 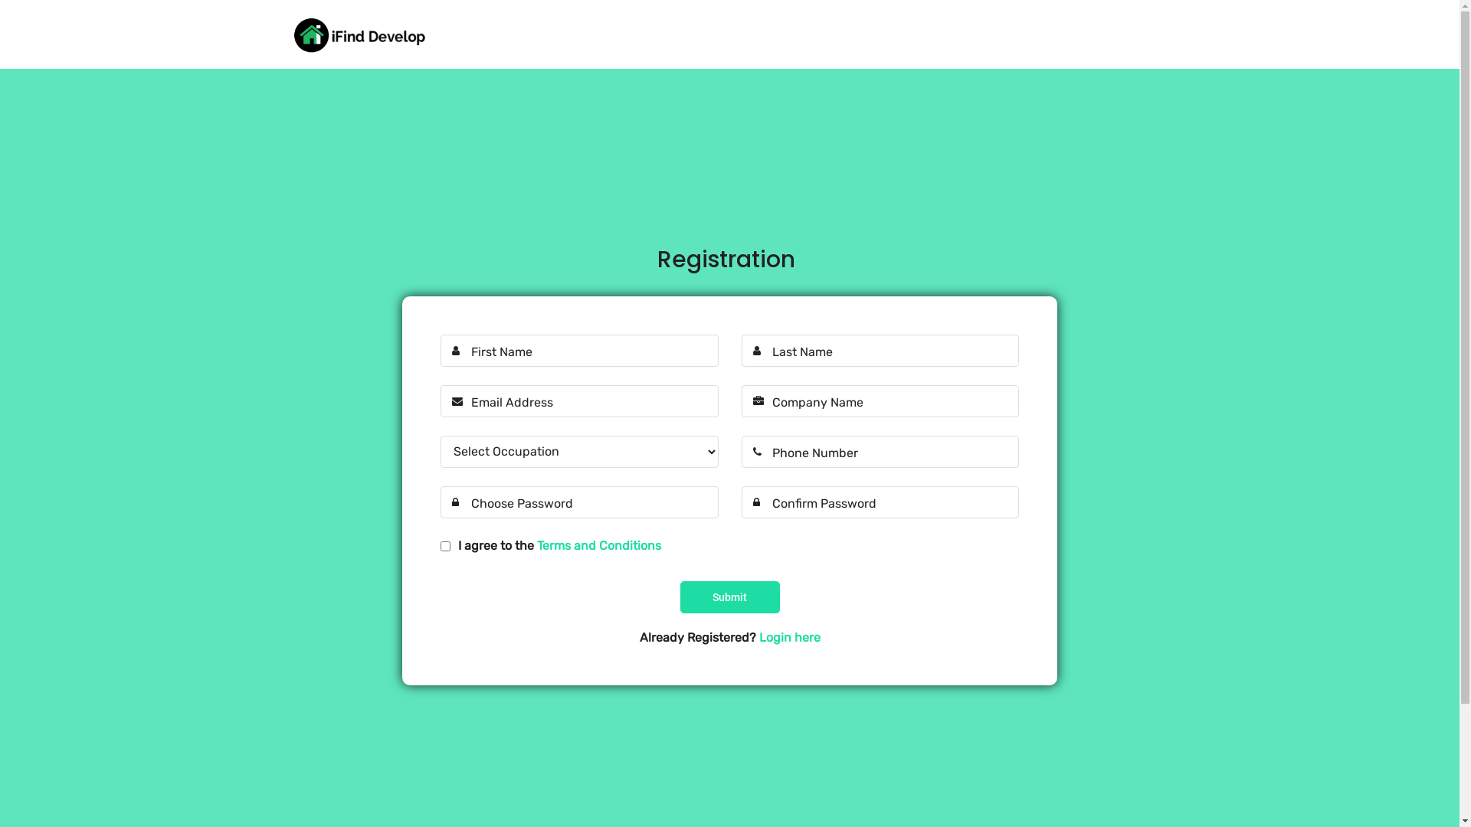 I want to click on 'Submit', so click(x=729, y=596).